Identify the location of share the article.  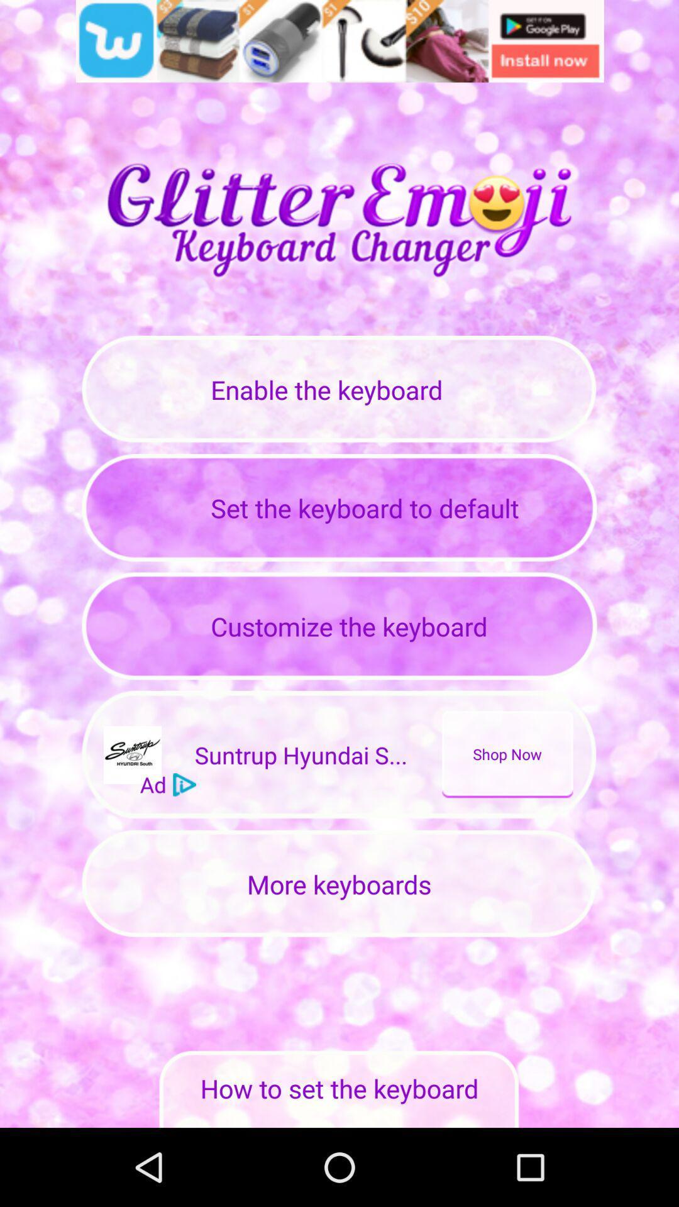
(339, 41).